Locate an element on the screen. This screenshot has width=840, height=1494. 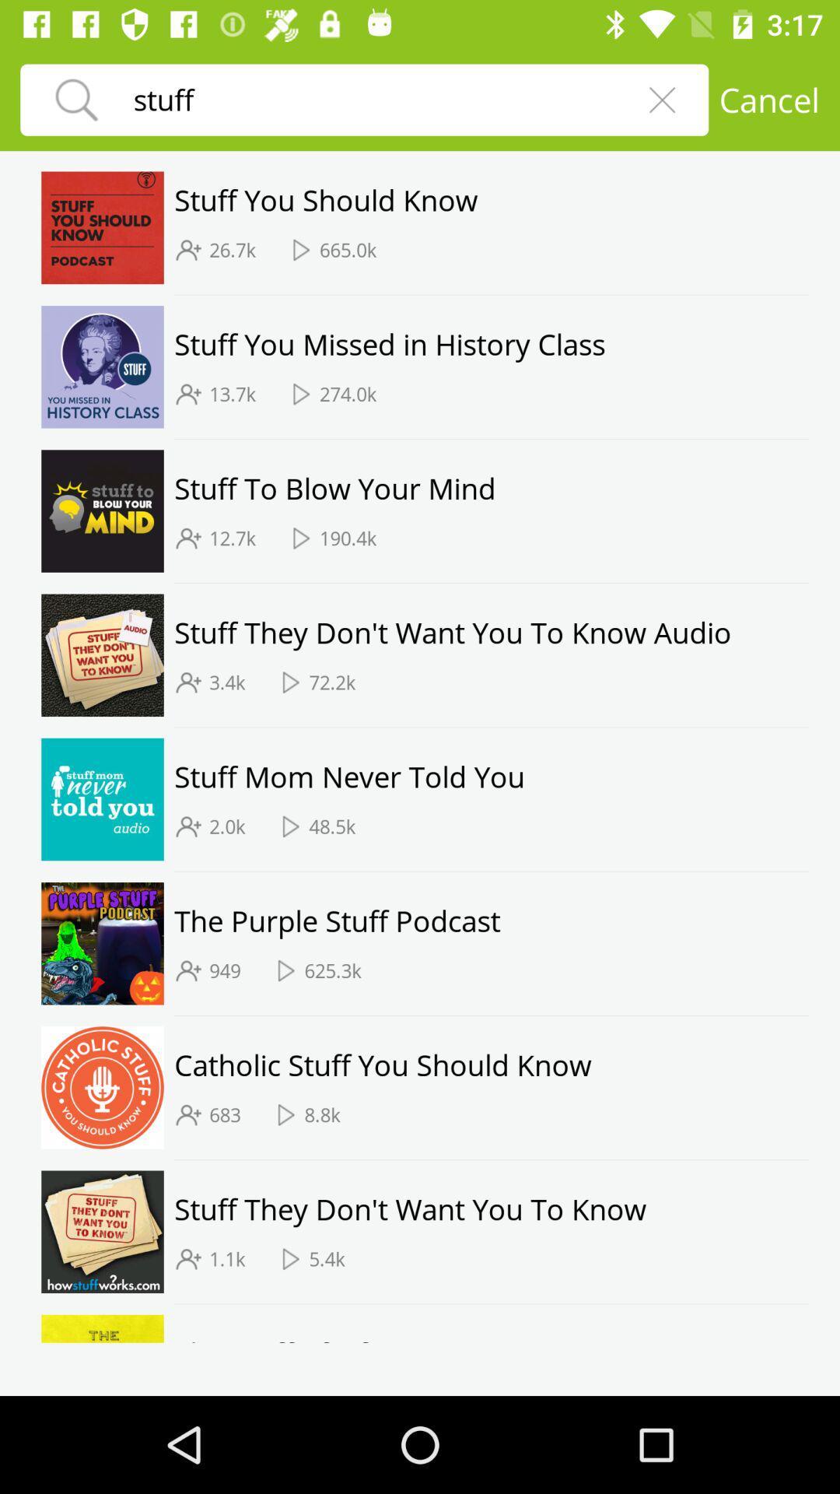
icon below the purple stuff item is located at coordinates (225, 970).